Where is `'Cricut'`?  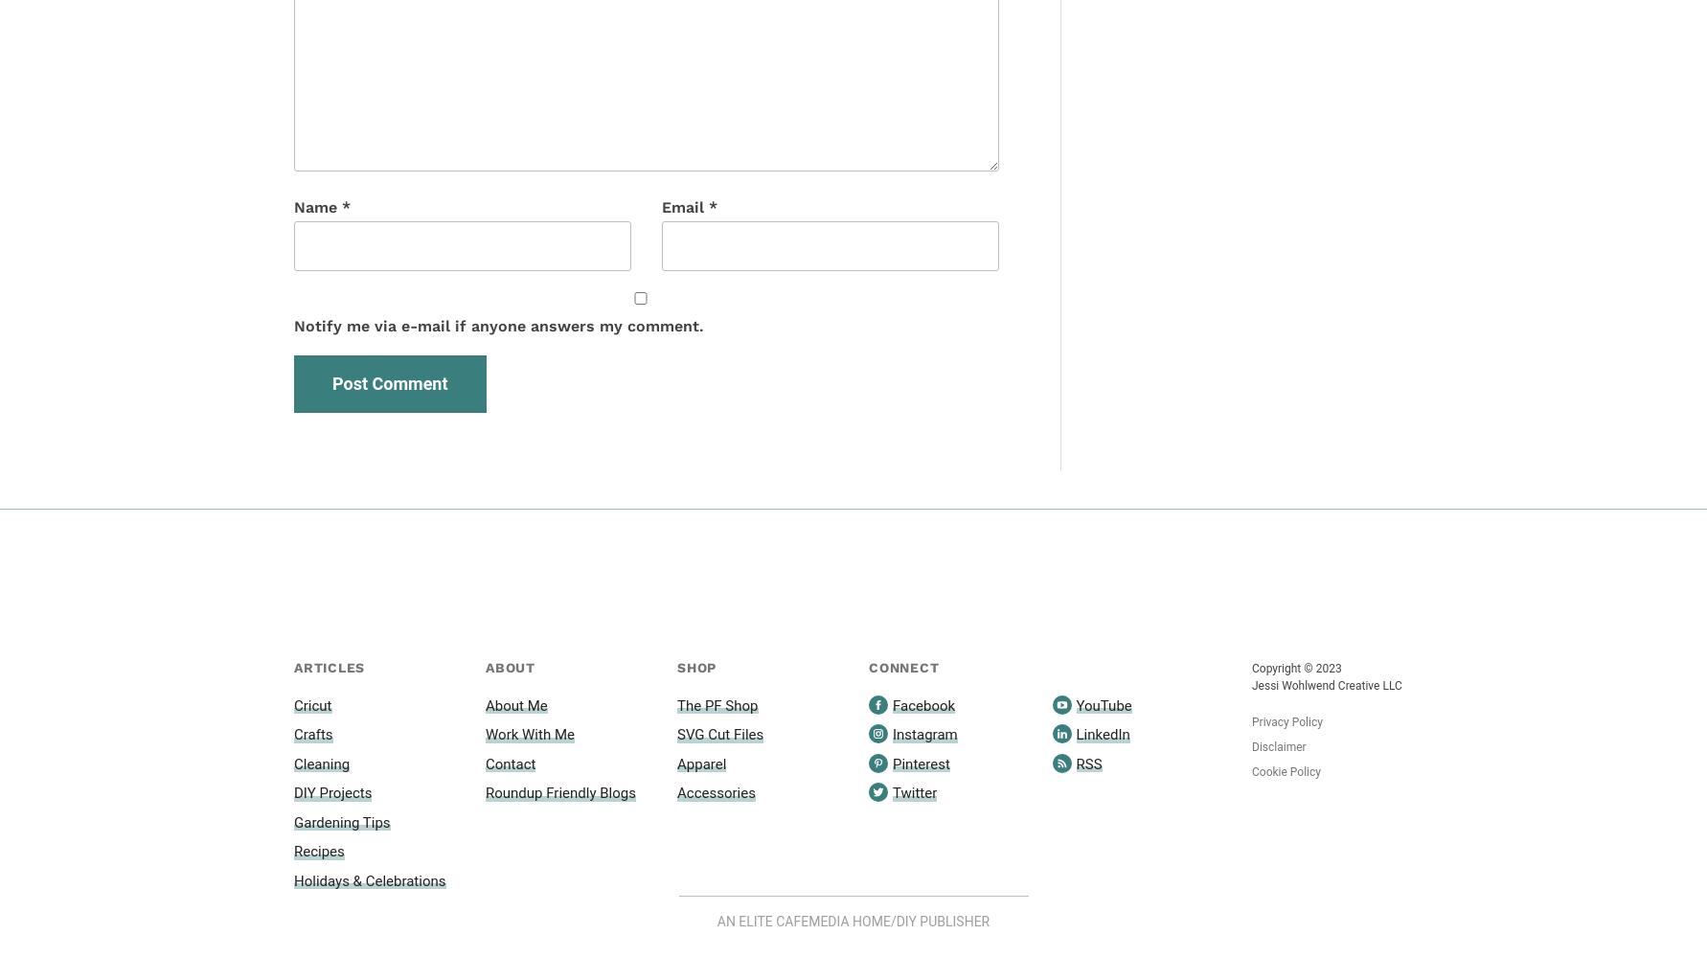
'Cricut' is located at coordinates (311, 705).